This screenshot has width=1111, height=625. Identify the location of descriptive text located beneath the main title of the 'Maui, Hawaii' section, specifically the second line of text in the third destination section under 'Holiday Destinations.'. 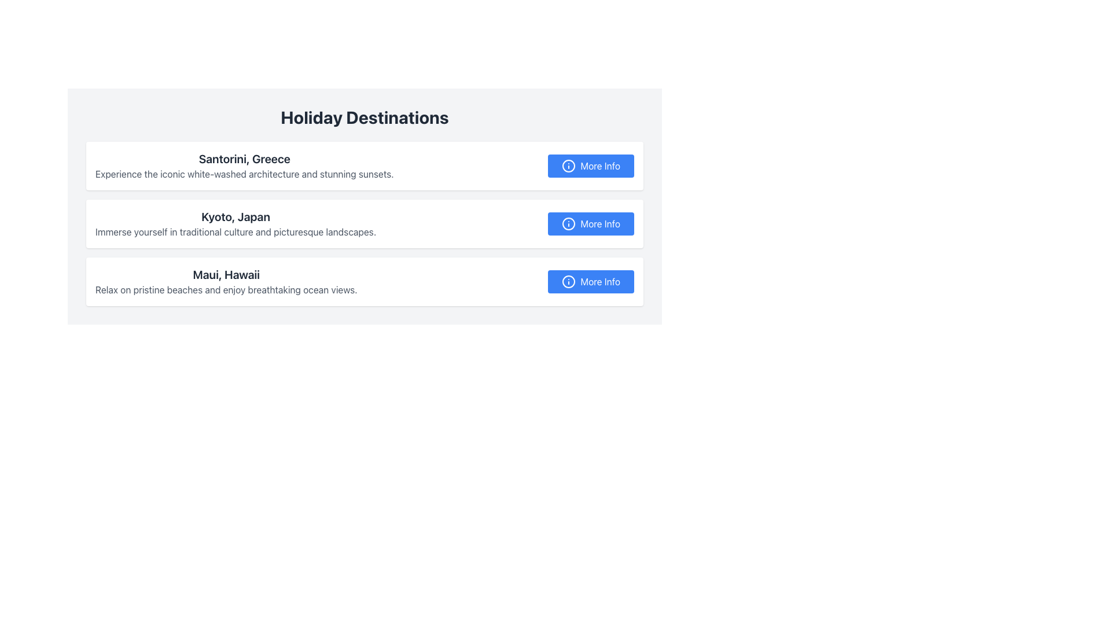
(226, 289).